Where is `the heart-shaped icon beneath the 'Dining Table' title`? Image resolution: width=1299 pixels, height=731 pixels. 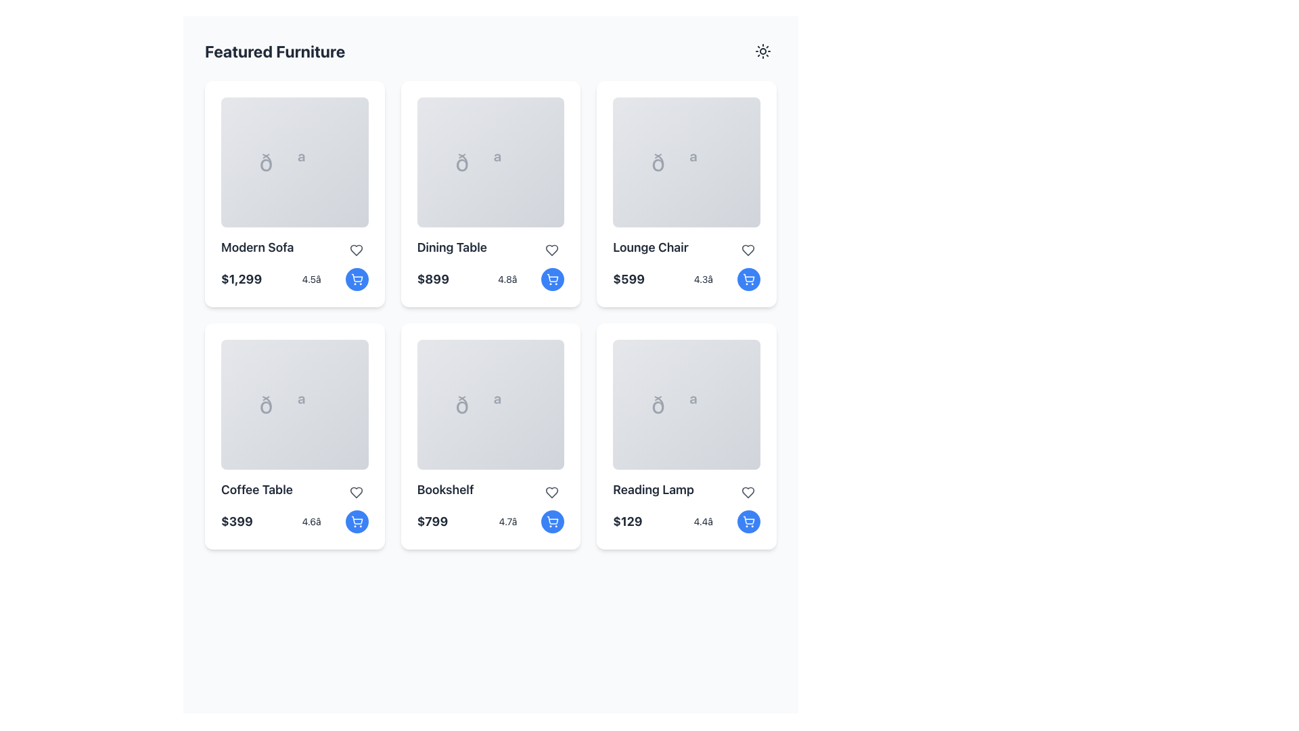
the heart-shaped icon beneath the 'Dining Table' title is located at coordinates (552, 250).